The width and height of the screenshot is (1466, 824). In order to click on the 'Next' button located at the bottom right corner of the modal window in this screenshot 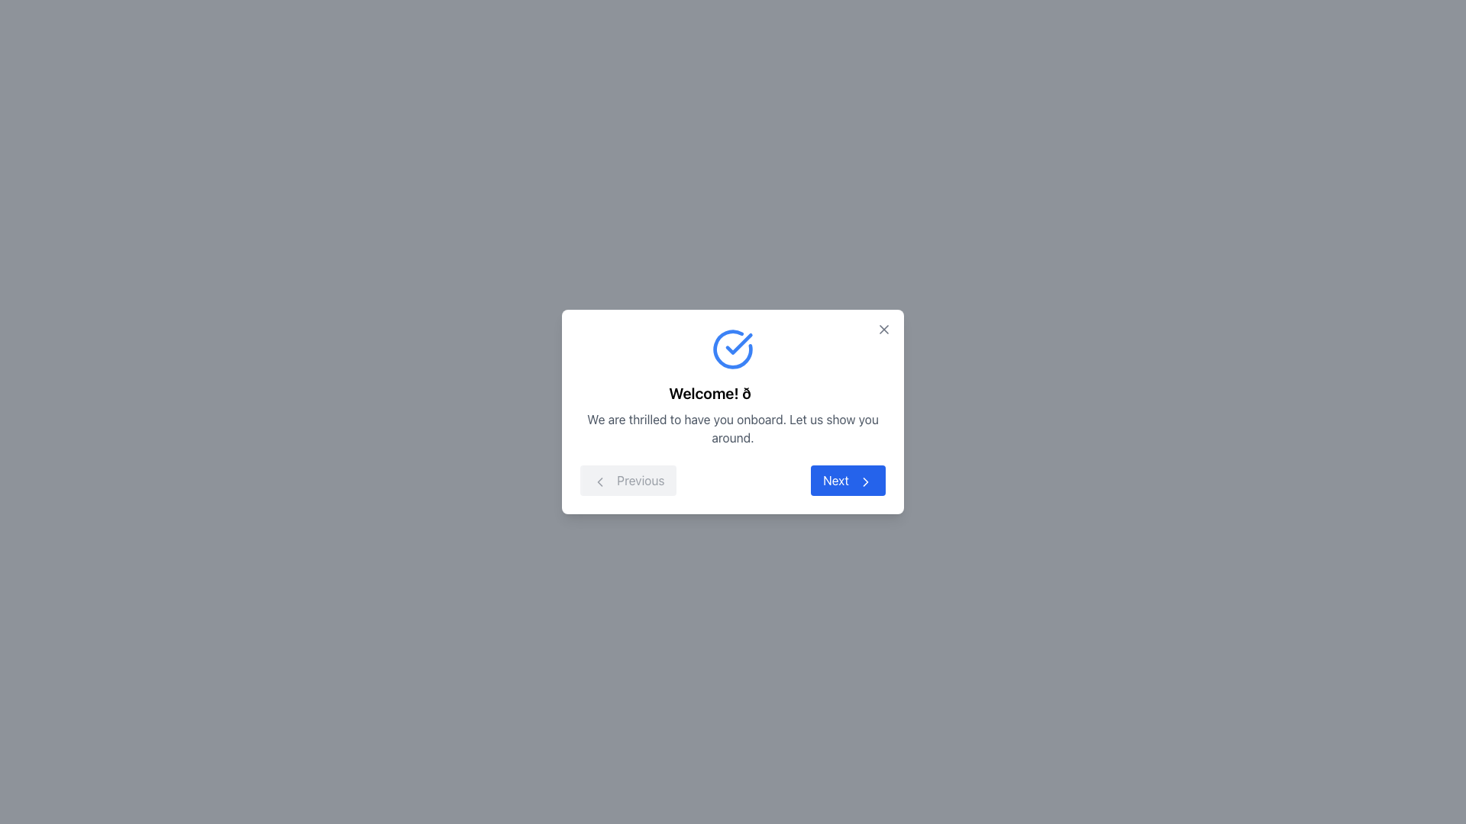, I will do `click(865, 481)`.